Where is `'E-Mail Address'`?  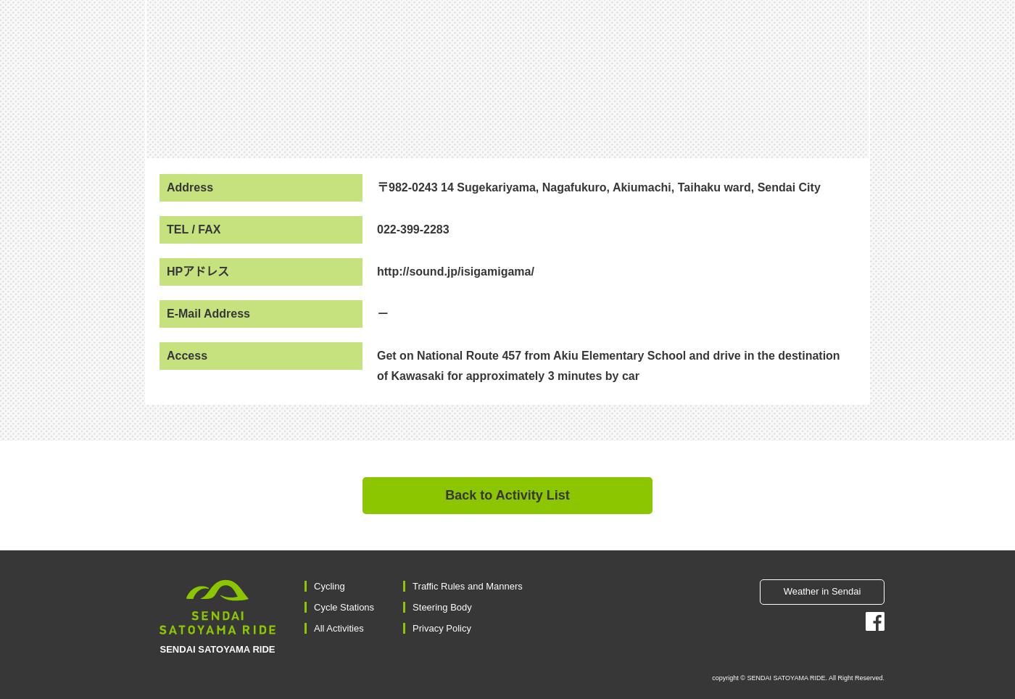 'E-Mail Address' is located at coordinates (208, 312).